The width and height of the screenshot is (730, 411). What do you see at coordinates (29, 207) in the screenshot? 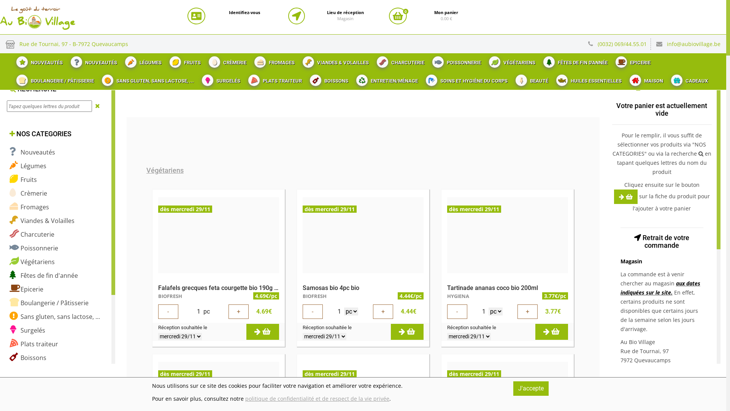
I see `'Fromages'` at bounding box center [29, 207].